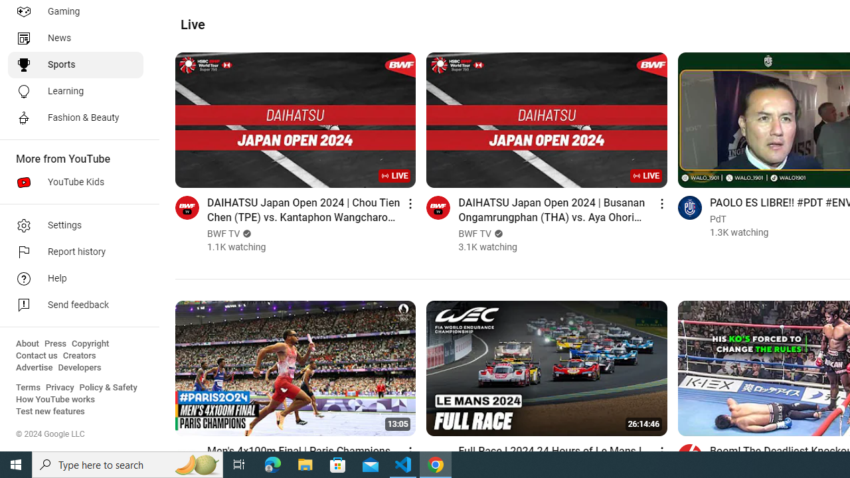 The image size is (850, 478). Describe the element at coordinates (74, 305) in the screenshot. I see `'Send feedback'` at that location.